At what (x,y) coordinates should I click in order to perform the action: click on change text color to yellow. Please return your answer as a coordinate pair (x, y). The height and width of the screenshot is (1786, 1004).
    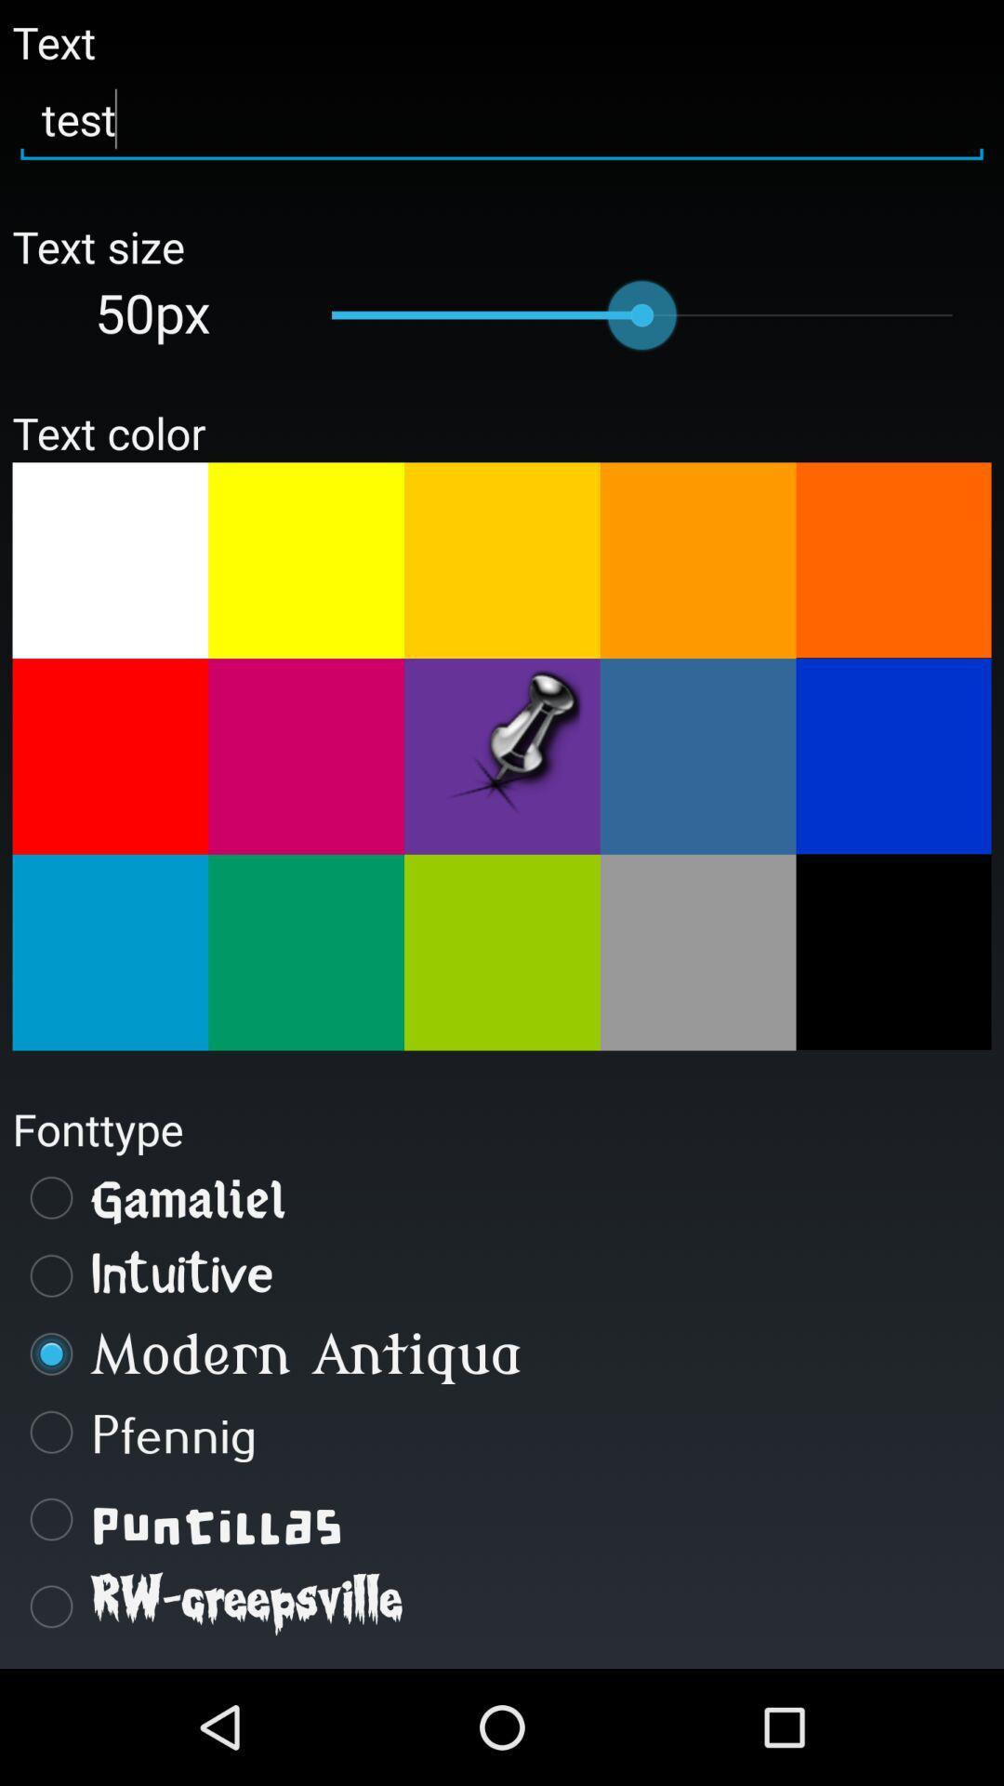
    Looking at the image, I should click on (305, 559).